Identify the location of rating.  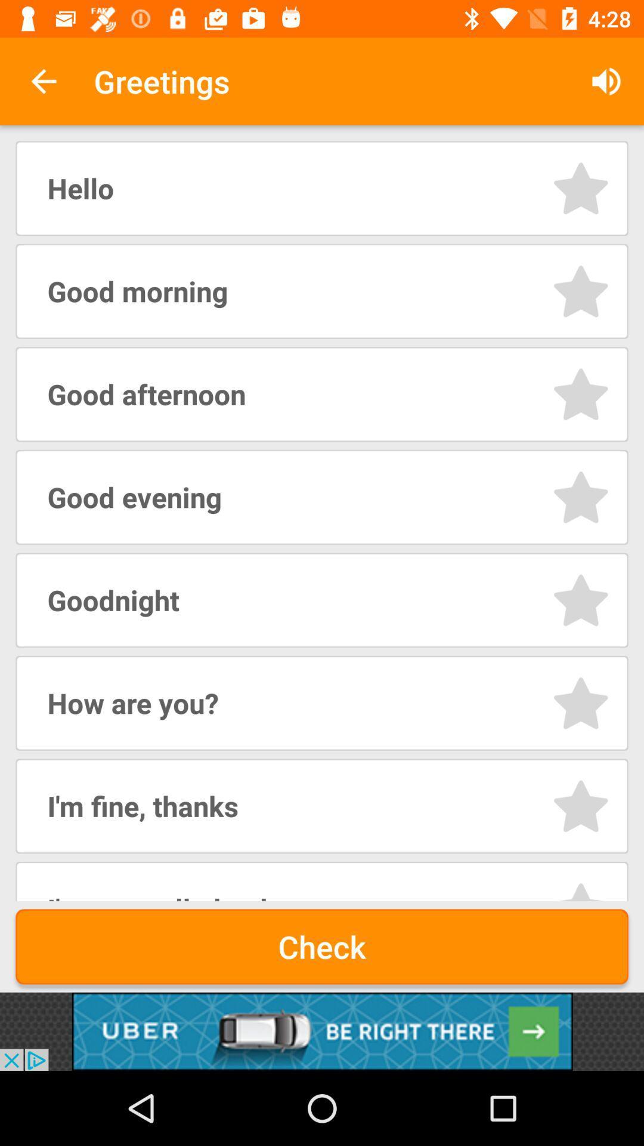
(580, 806).